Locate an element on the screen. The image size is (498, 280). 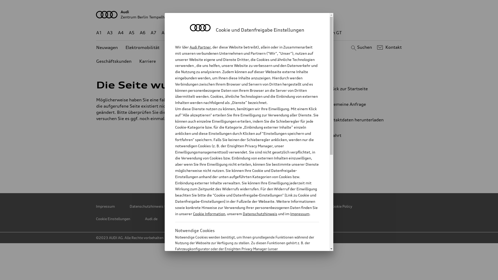
'A8' is located at coordinates (164, 33).